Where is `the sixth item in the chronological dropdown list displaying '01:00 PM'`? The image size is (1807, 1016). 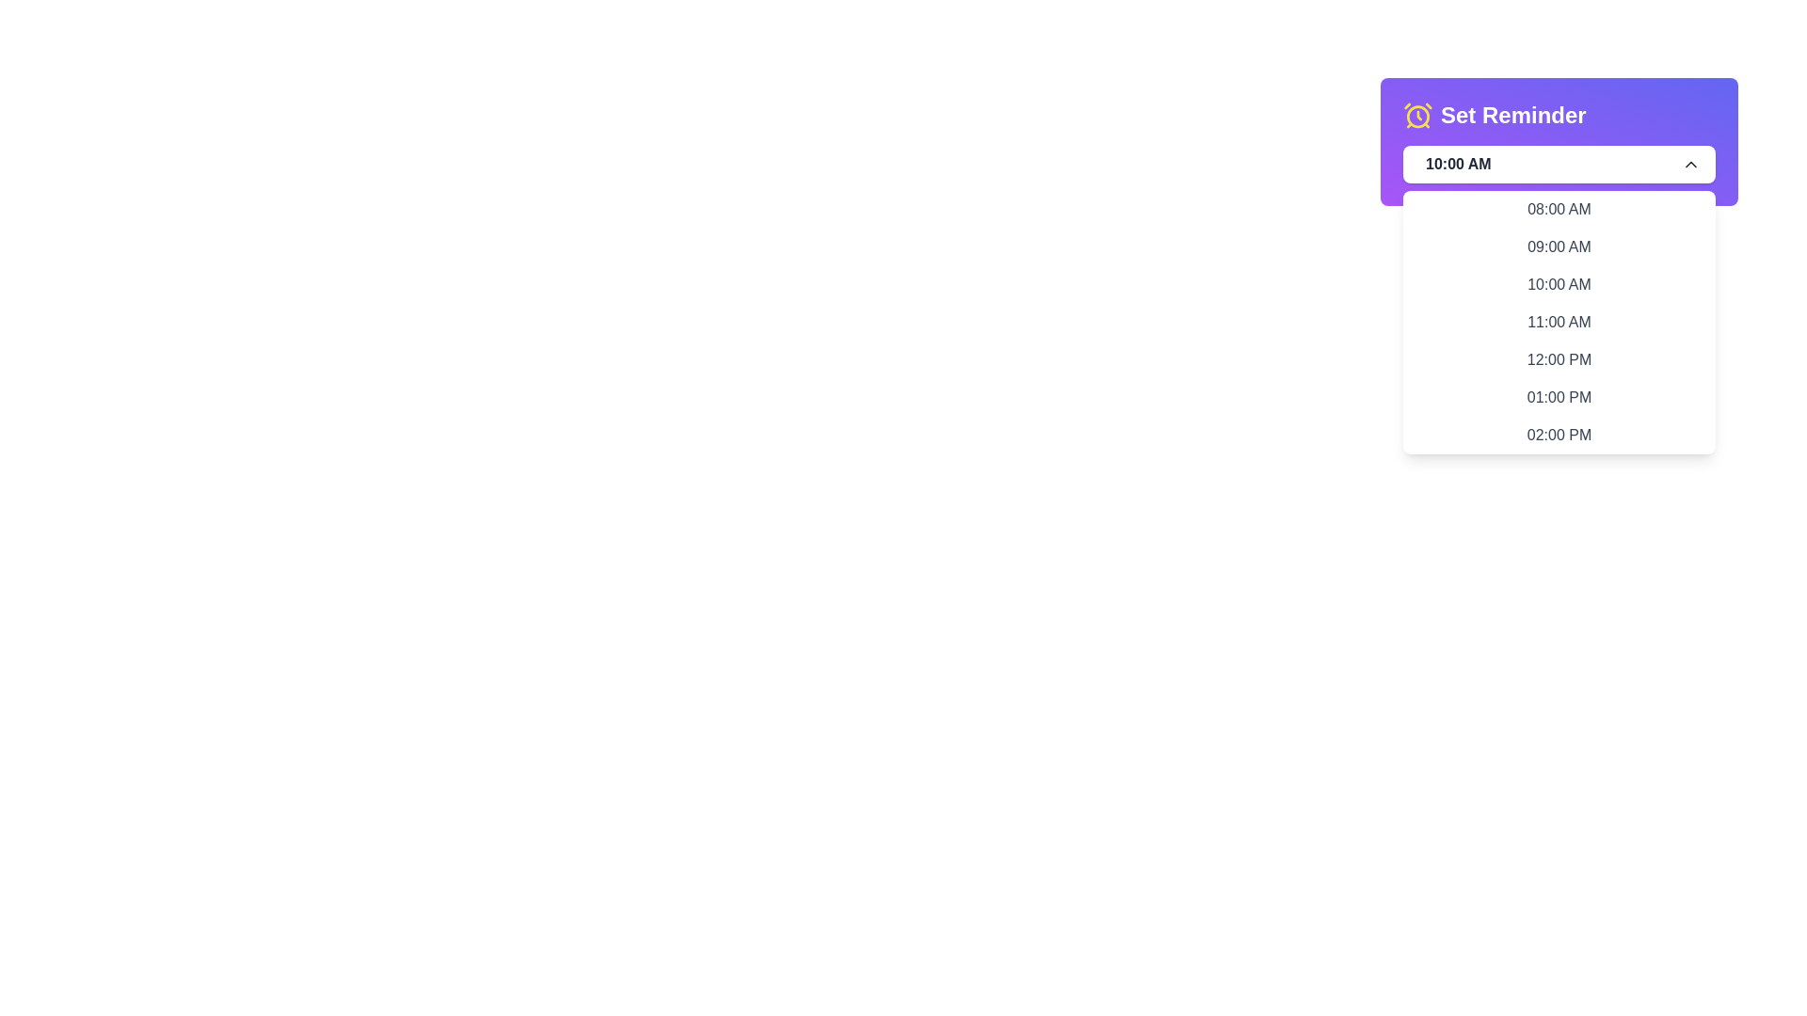 the sixth item in the chronological dropdown list displaying '01:00 PM' is located at coordinates (1559, 397).